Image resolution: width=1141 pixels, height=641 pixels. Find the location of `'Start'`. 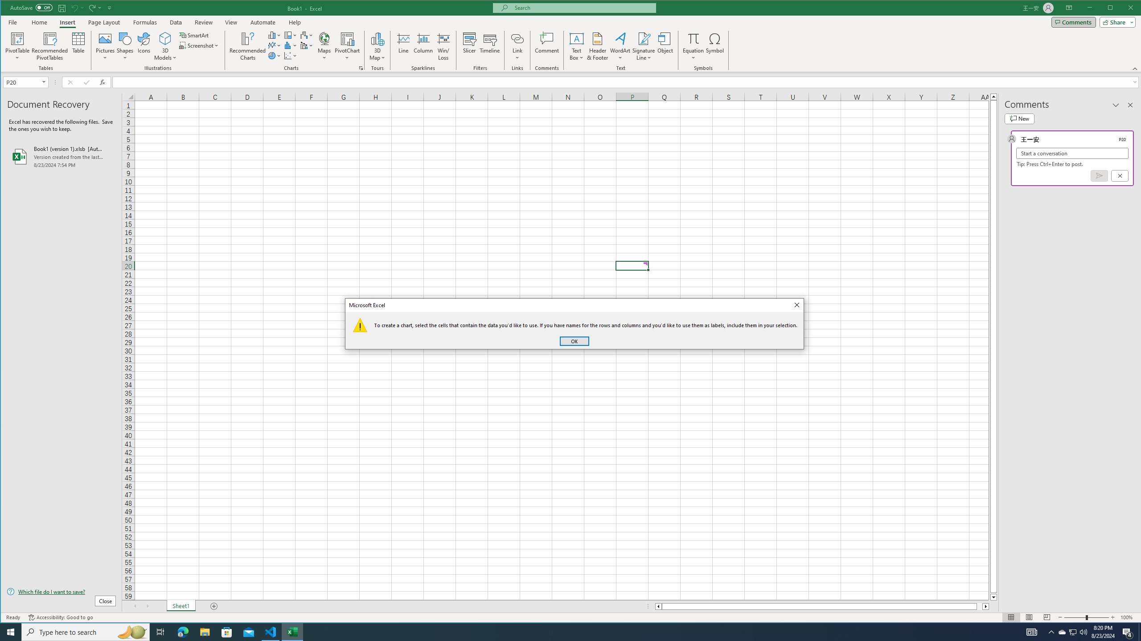

'Start' is located at coordinates (11, 631).